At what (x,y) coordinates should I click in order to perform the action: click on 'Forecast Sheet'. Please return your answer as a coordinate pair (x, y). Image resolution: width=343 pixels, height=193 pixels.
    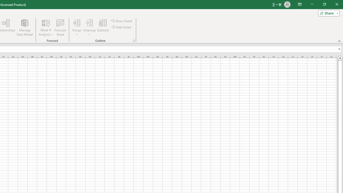
    Looking at the image, I should click on (60, 28).